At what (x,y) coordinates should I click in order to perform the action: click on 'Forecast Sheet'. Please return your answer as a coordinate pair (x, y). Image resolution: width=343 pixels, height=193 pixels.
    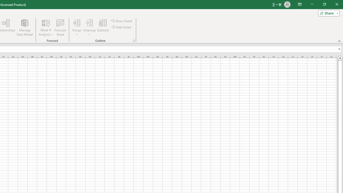
    Looking at the image, I should click on (60, 28).